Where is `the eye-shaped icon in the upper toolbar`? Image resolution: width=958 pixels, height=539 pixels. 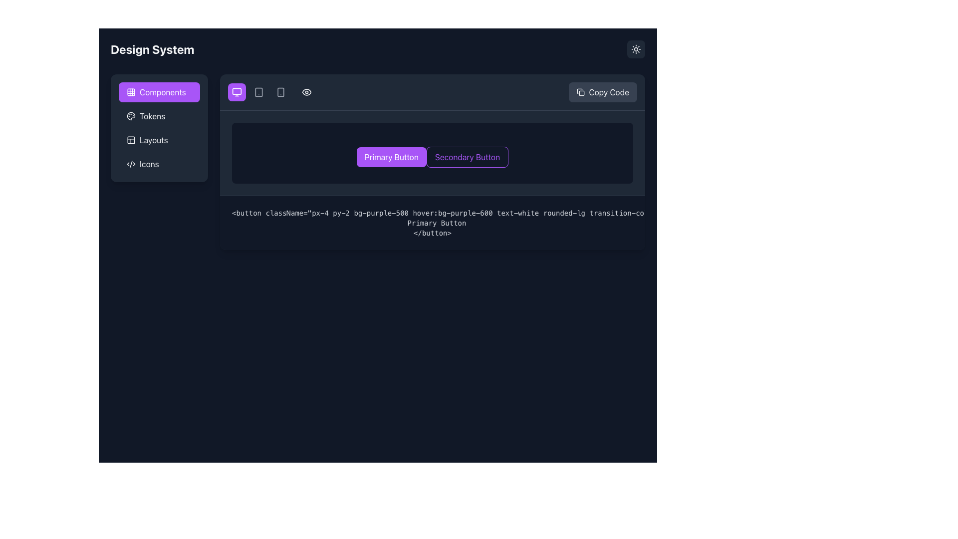
the eye-shaped icon in the upper toolbar is located at coordinates (306, 92).